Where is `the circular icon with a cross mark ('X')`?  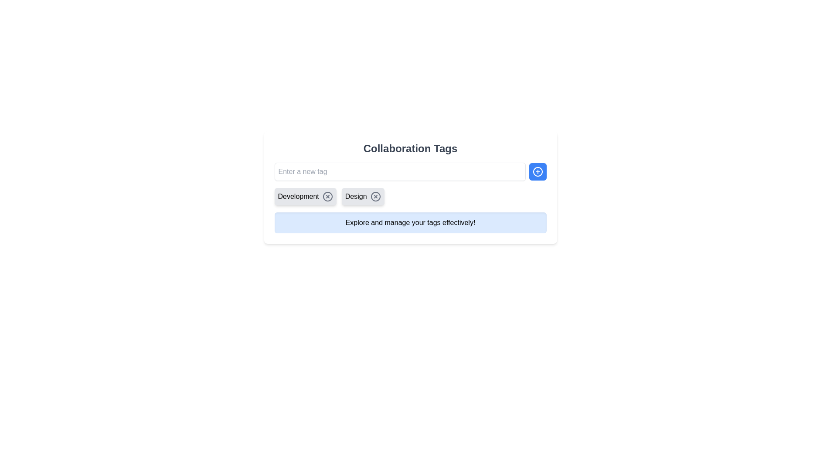
the circular icon with a cross mark ('X') is located at coordinates (327, 197).